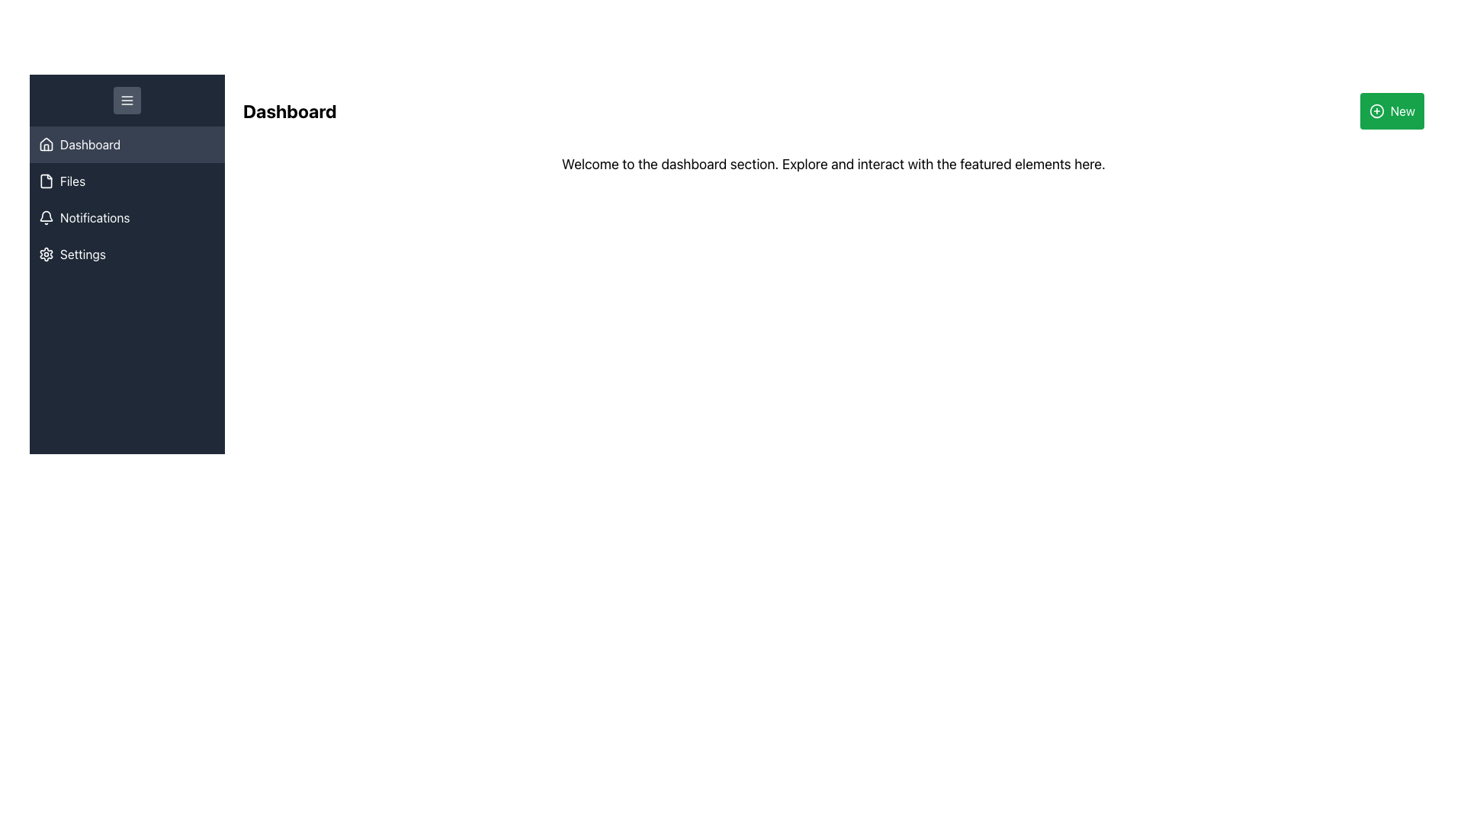  What do you see at coordinates (833, 165) in the screenshot?
I see `the text block that says 'Welcome to the dashboard section. Explore and interact with the featured elements here.' which is centrally located in the dashboard content area` at bounding box center [833, 165].